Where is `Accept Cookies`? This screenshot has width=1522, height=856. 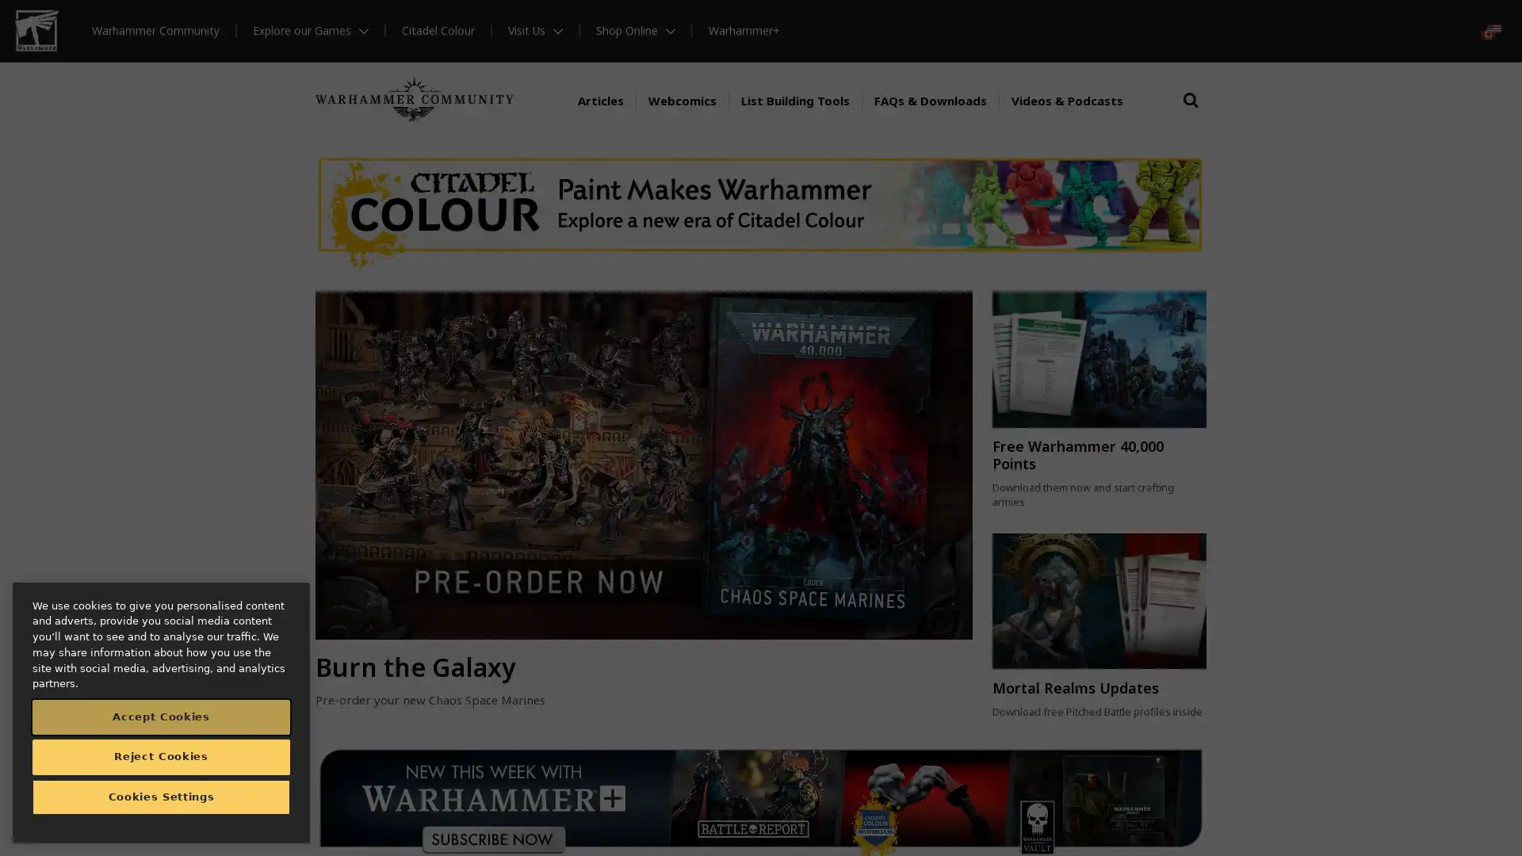
Accept Cookies is located at coordinates (161, 721).